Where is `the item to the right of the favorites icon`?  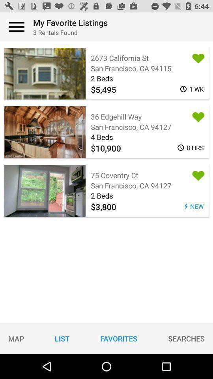
the item to the right of the favorites icon is located at coordinates (186, 338).